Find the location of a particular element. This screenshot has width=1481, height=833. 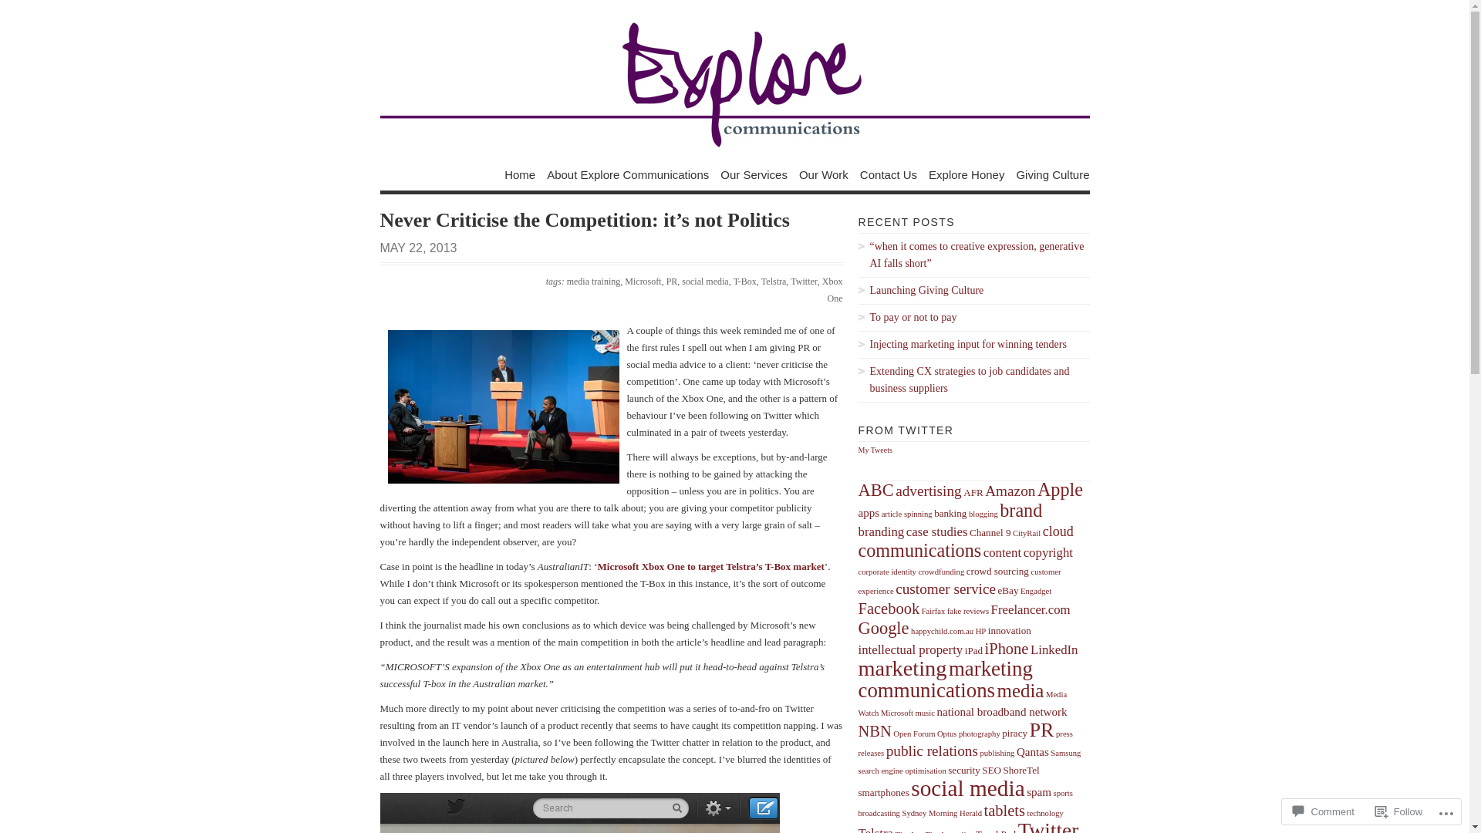

'communications' is located at coordinates (919, 549).